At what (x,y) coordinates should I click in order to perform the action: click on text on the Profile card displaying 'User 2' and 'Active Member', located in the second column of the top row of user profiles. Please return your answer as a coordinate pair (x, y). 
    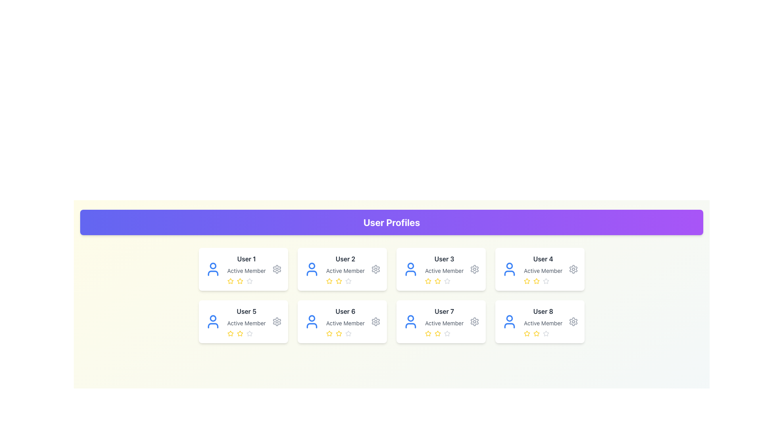
    Looking at the image, I should click on (345, 269).